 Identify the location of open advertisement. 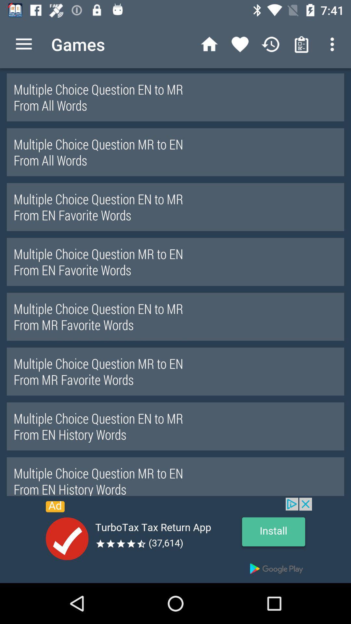
(175, 540).